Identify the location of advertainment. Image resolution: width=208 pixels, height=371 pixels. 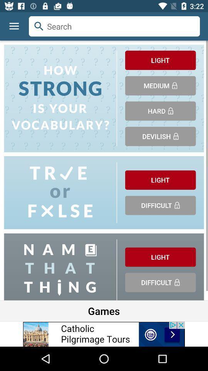
(104, 334).